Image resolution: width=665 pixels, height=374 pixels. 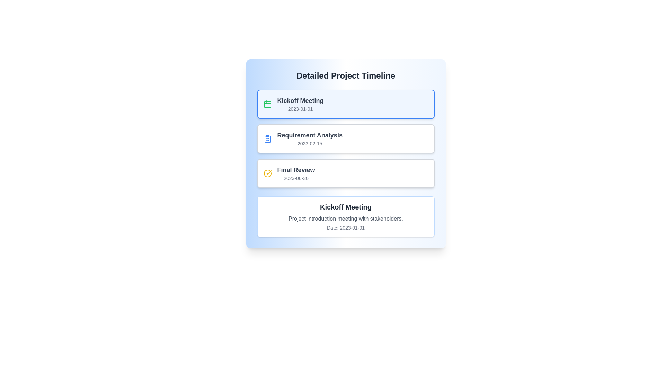 I want to click on the Text Label that serves as a title for the corresponding section of the timeline, located centrally within the third section under 'Detailed Project Timeline', so click(x=296, y=170).